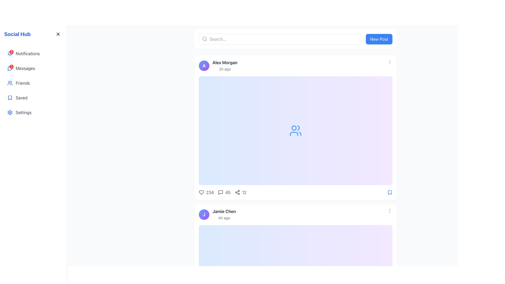 Image resolution: width=505 pixels, height=284 pixels. Describe the element at coordinates (22, 83) in the screenshot. I see `the 'Friends' text label in the vertical navigation menu` at that location.